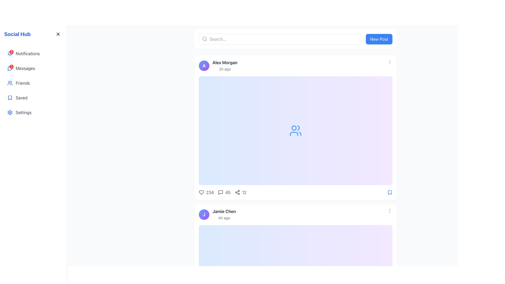 Image resolution: width=505 pixels, height=284 pixels. Describe the element at coordinates (22, 83) in the screenshot. I see `the 'Friends' text label in the vertical navigation menu` at that location.